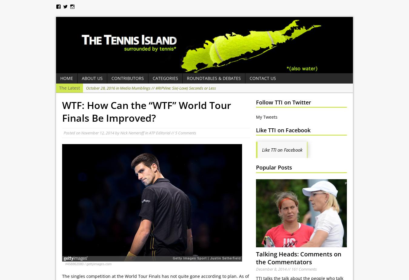  Describe the element at coordinates (117, 133) in the screenshot. I see `'by'` at that location.